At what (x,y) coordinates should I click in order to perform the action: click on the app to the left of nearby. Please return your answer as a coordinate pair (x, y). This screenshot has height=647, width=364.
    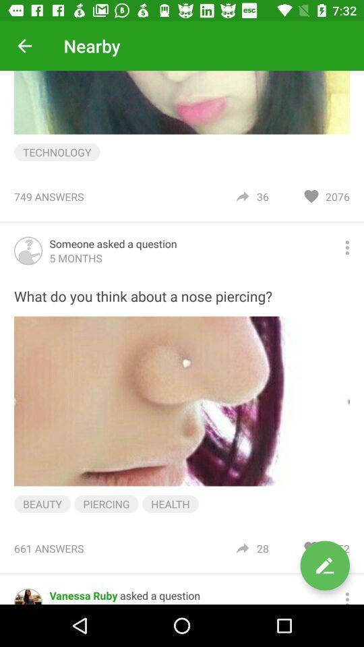
    Looking at the image, I should click on (24, 46).